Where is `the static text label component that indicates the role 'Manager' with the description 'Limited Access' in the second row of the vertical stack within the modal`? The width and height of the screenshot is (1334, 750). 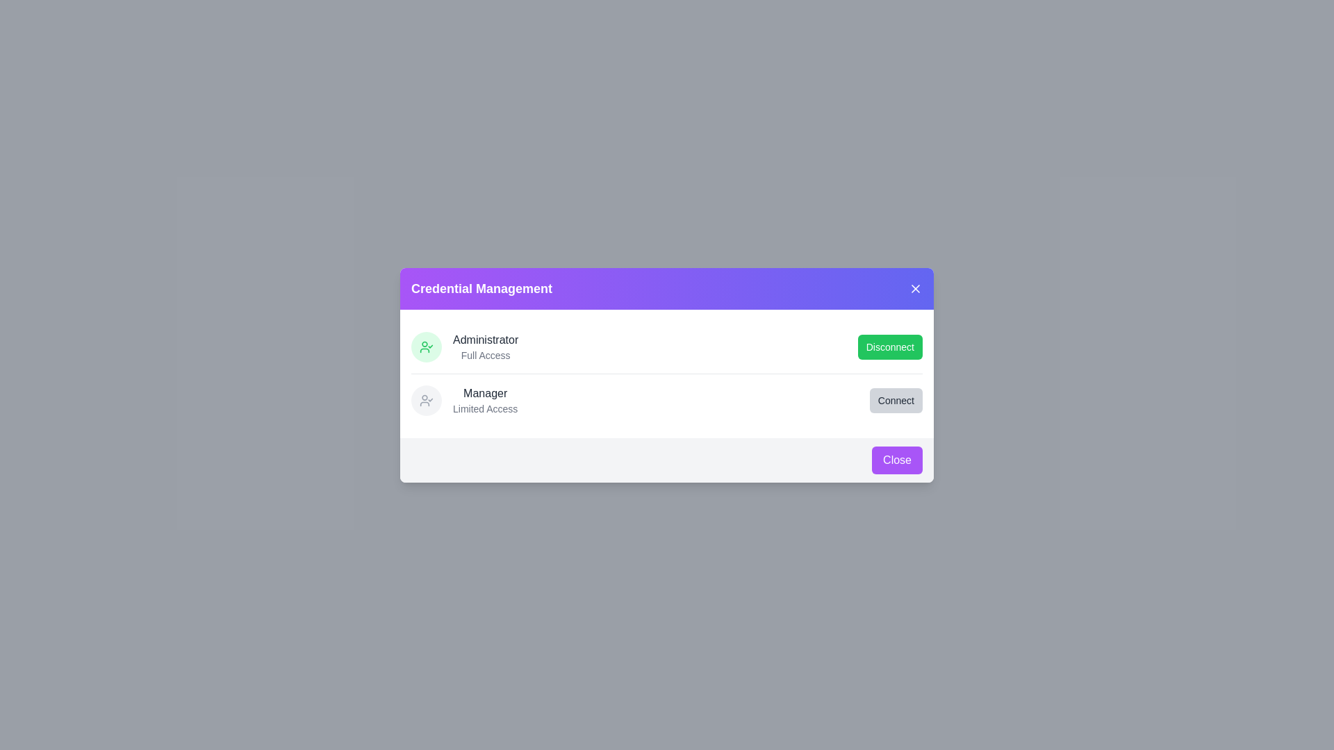
the static text label component that indicates the role 'Manager' with the description 'Limited Access' in the second row of the vertical stack within the modal is located at coordinates (485, 400).